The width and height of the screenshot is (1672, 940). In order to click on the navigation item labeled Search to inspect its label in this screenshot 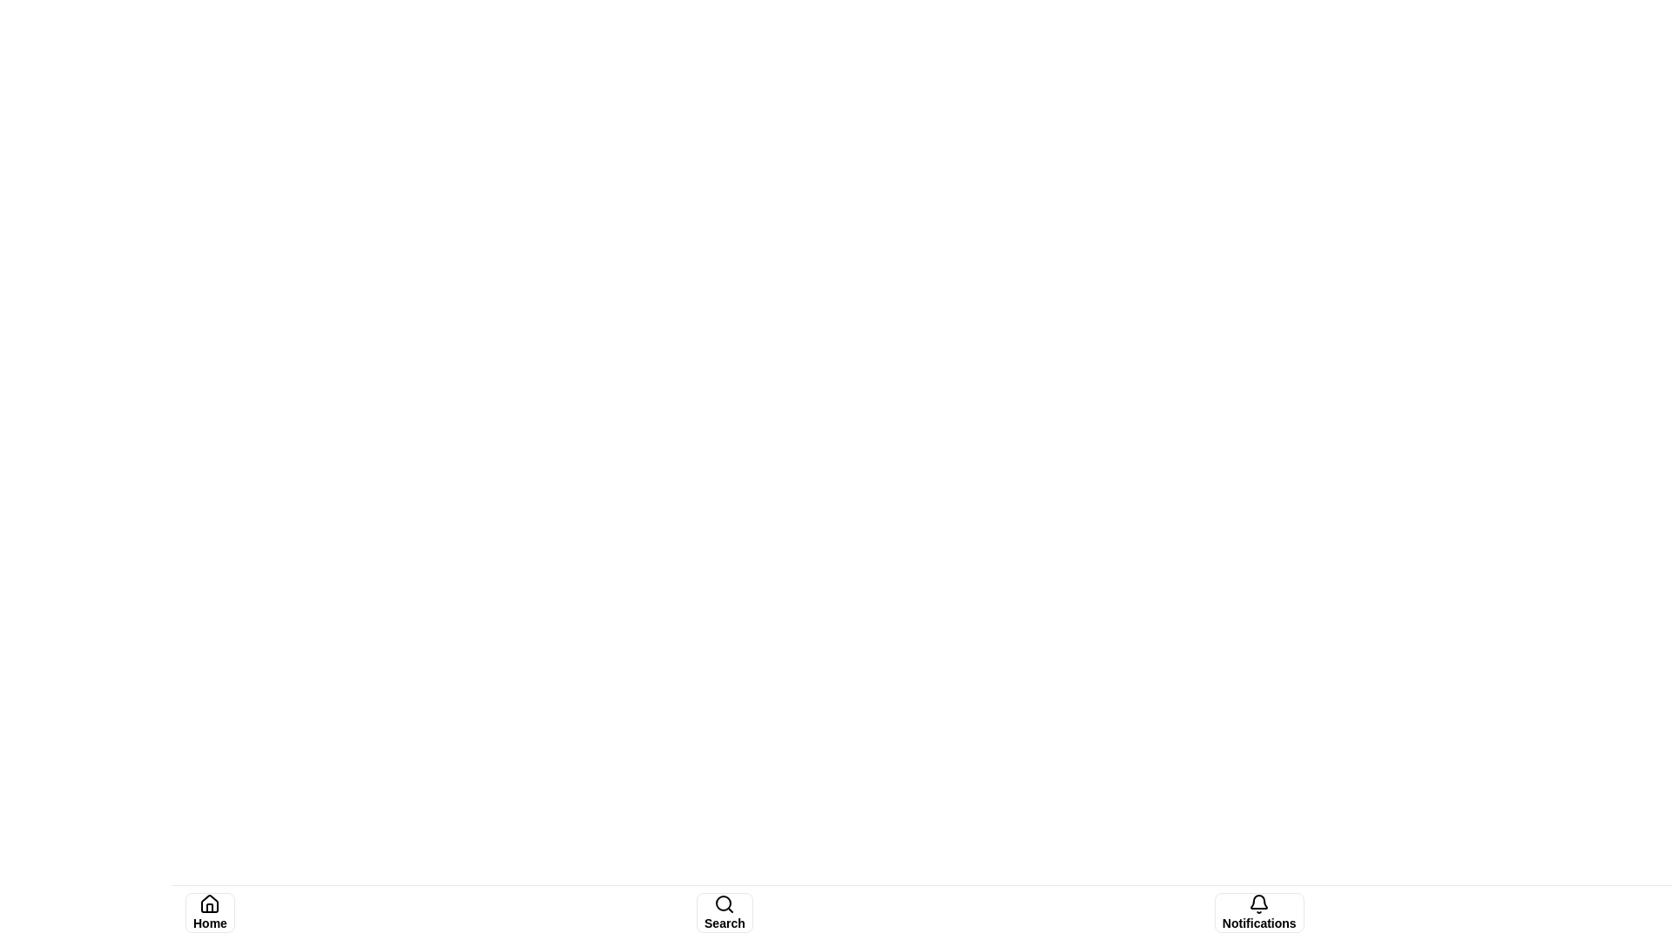, I will do `click(724, 912)`.